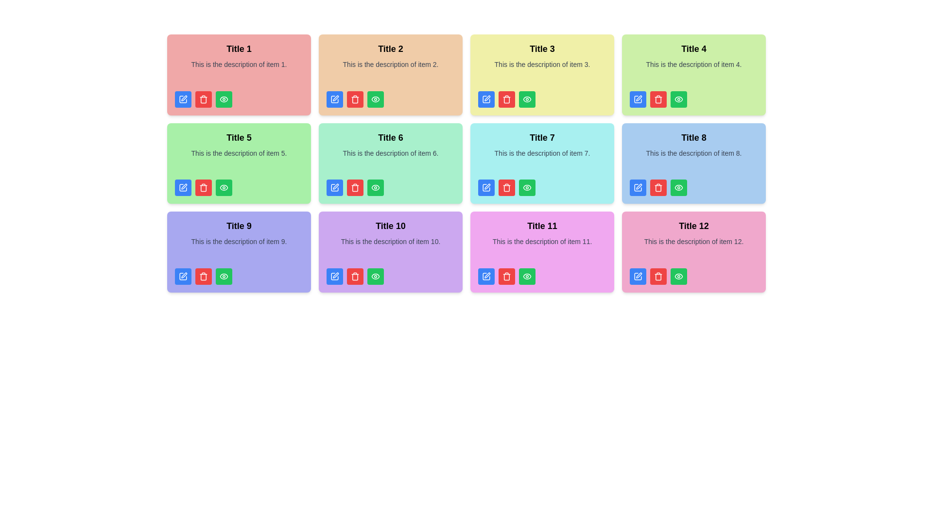  Describe the element at coordinates (638, 187) in the screenshot. I see `the blue circular button with a white pen icon, located at the bottom of the 'Title 8' card` at that location.